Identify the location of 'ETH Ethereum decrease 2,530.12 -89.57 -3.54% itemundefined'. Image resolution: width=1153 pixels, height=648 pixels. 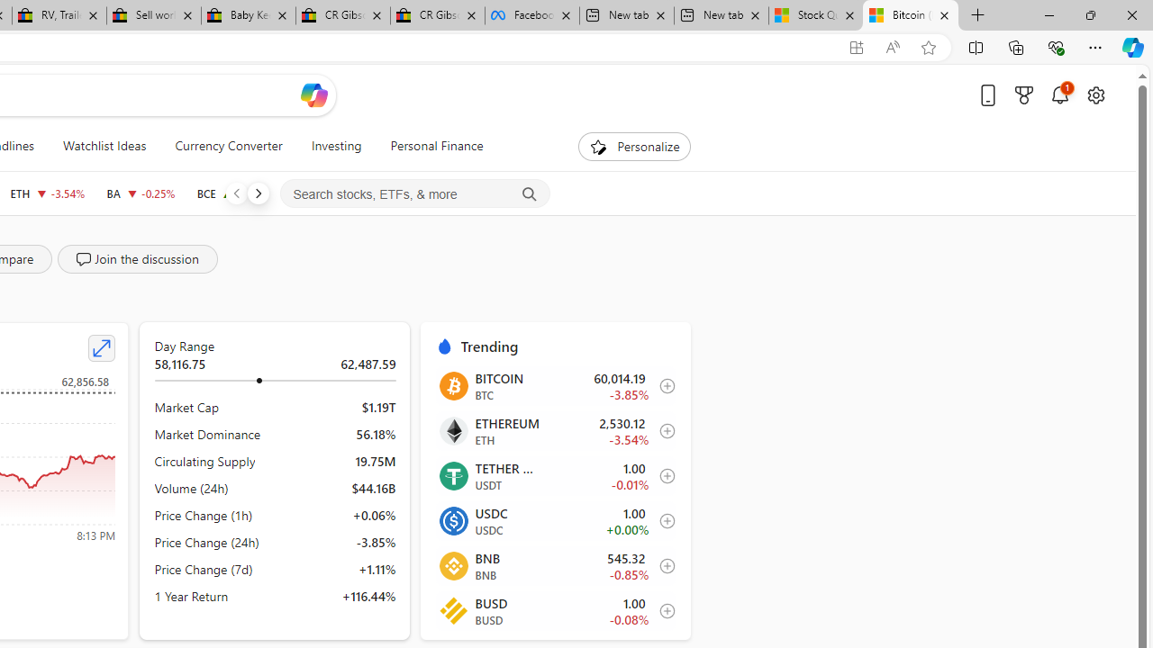
(554, 431).